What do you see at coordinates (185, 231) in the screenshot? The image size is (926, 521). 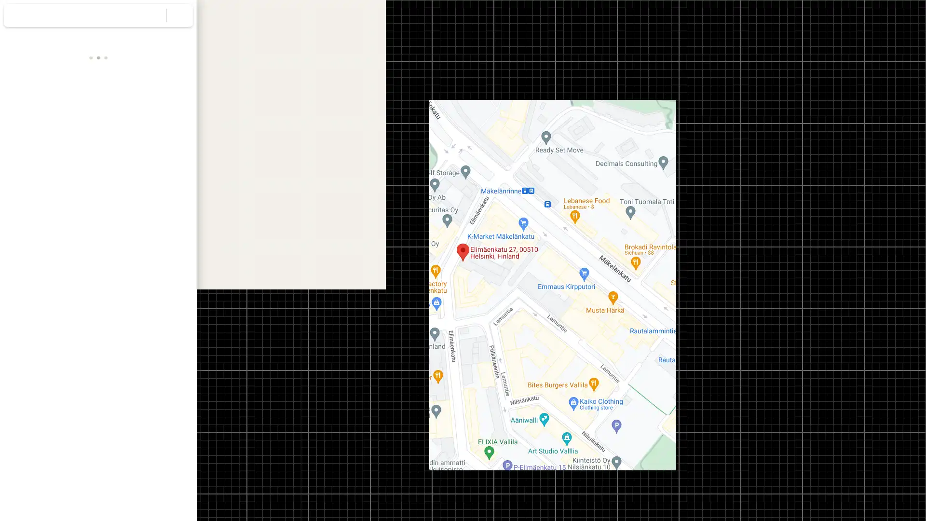 I see `Learn more about plus codes` at bounding box center [185, 231].